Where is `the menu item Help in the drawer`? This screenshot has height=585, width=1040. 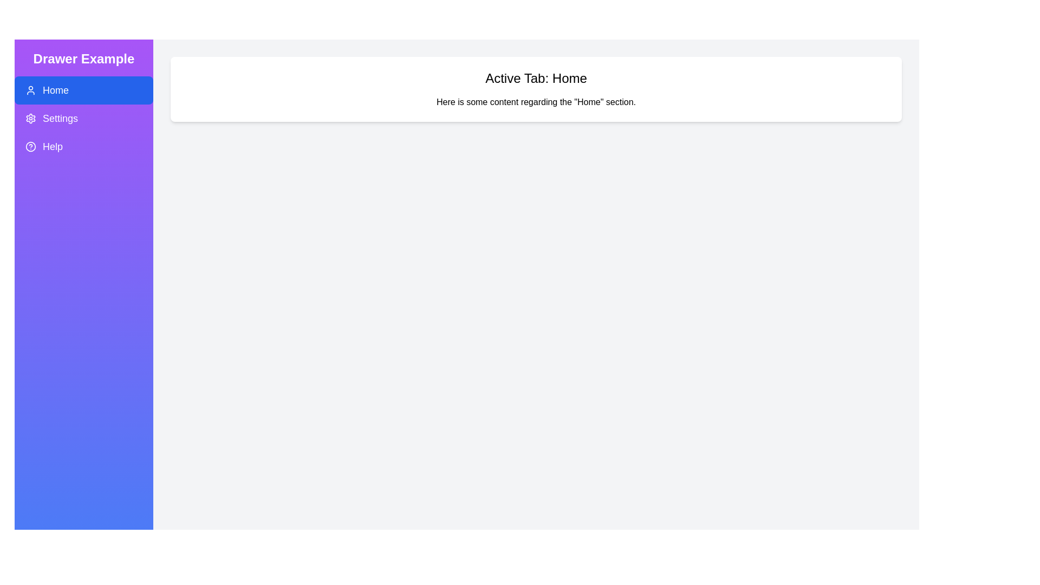 the menu item Help in the drawer is located at coordinates (83, 146).